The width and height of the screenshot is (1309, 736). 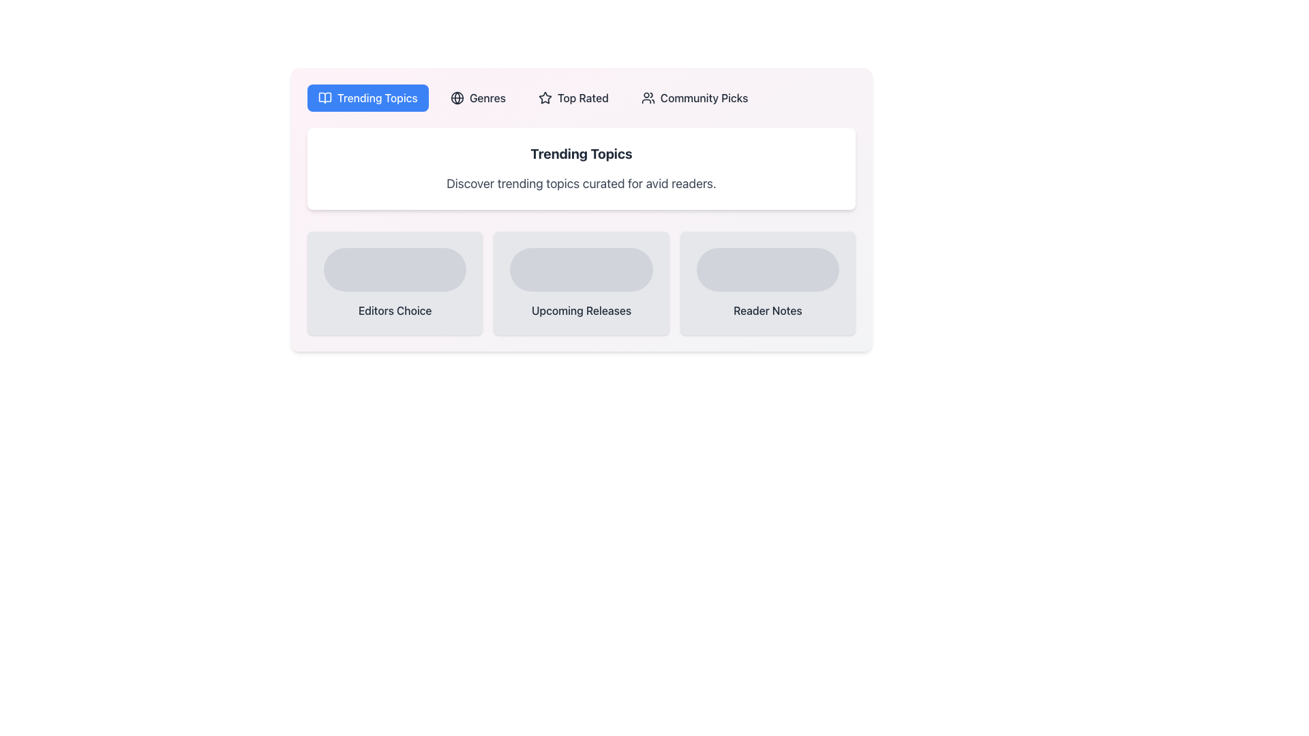 I want to click on text label 'Trending Topics' located within the blue rectangular background in the navigation tab at the top-left corner, so click(x=377, y=97).